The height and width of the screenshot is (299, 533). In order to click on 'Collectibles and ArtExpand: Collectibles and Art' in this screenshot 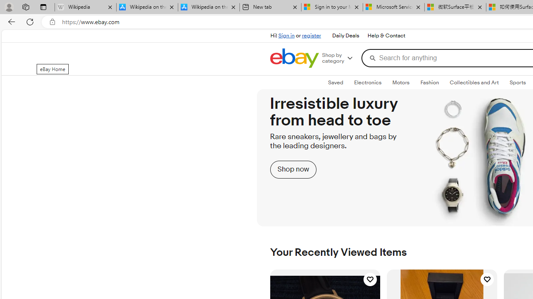, I will do `click(474, 83)`.